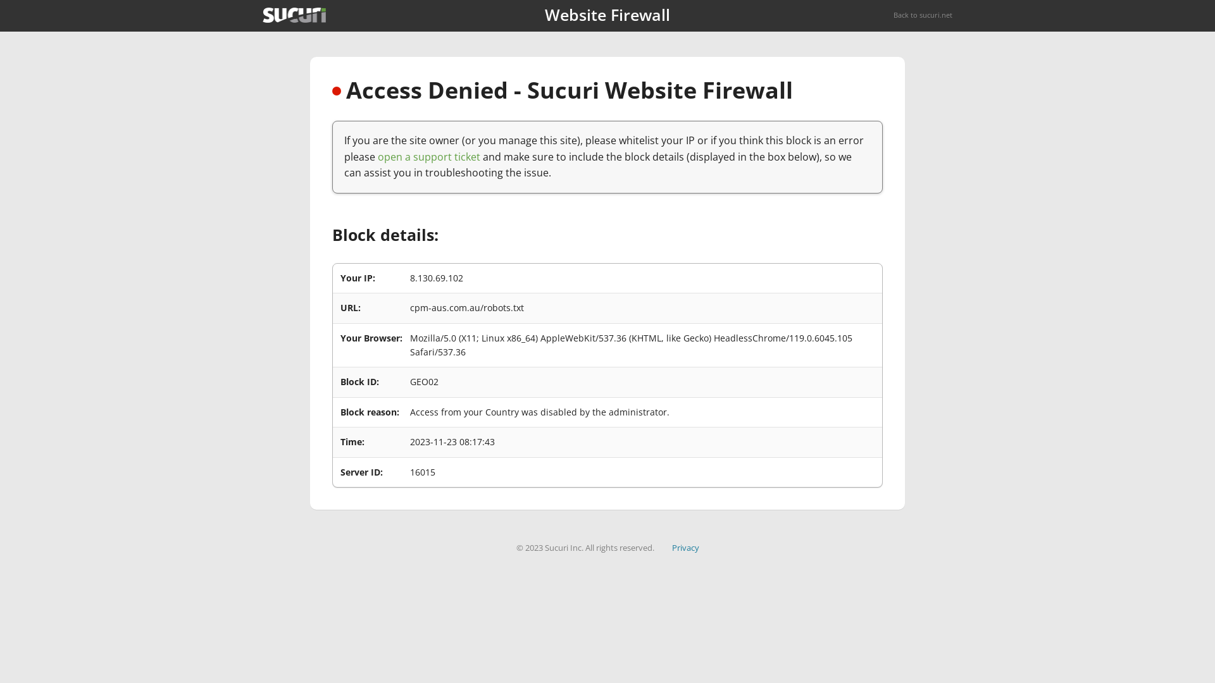  Describe the element at coordinates (923, 15) in the screenshot. I see `'Back to sucuri.net'` at that location.